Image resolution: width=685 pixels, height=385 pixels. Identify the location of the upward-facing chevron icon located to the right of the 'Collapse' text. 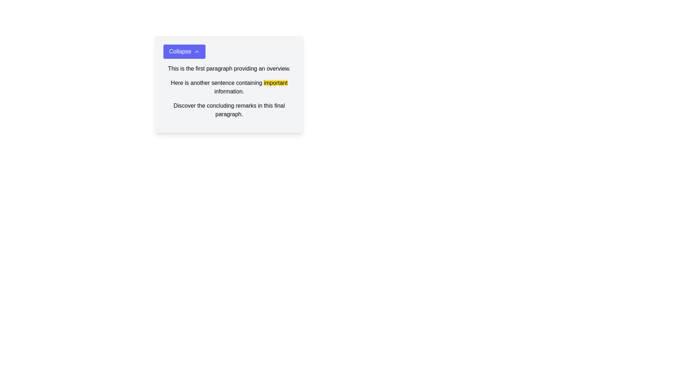
(197, 51).